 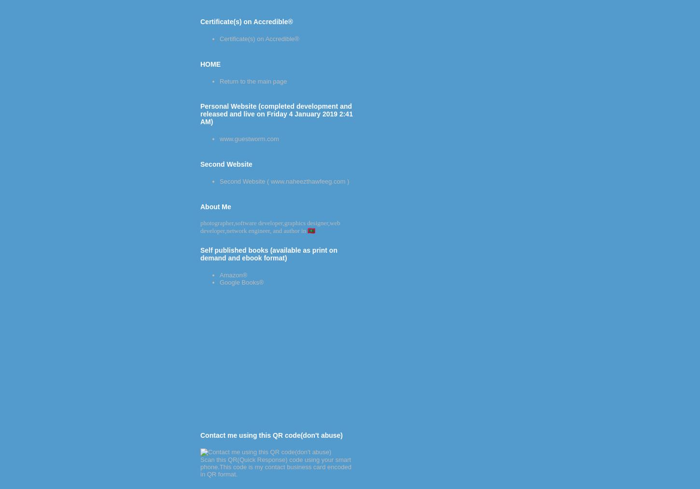 I want to click on 'photographer,software developer,graphics designer,web developer,network engineer, and author in 🇲🇻', so click(x=270, y=227).